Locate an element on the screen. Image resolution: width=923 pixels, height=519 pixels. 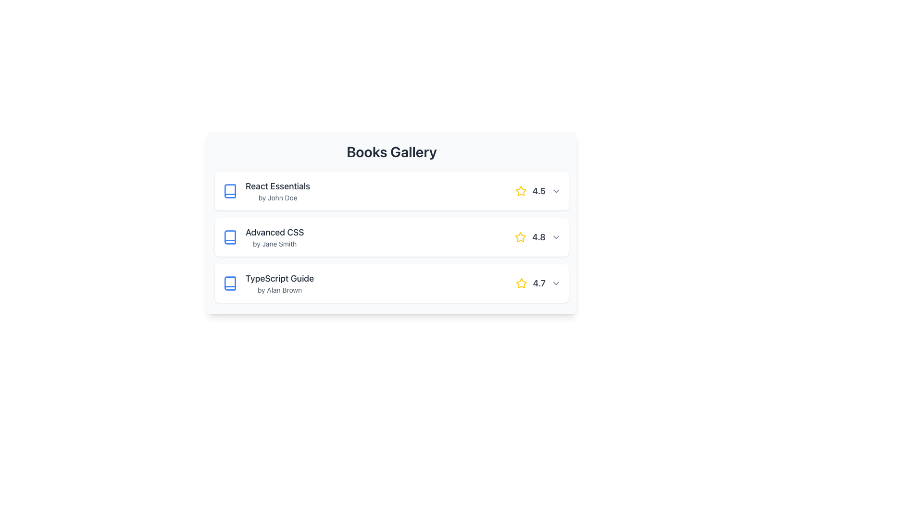
the text element displaying 'by John Doe', which is located directly below the title 'React Essentials' in the 'Books Gallery' section is located at coordinates (277, 198).